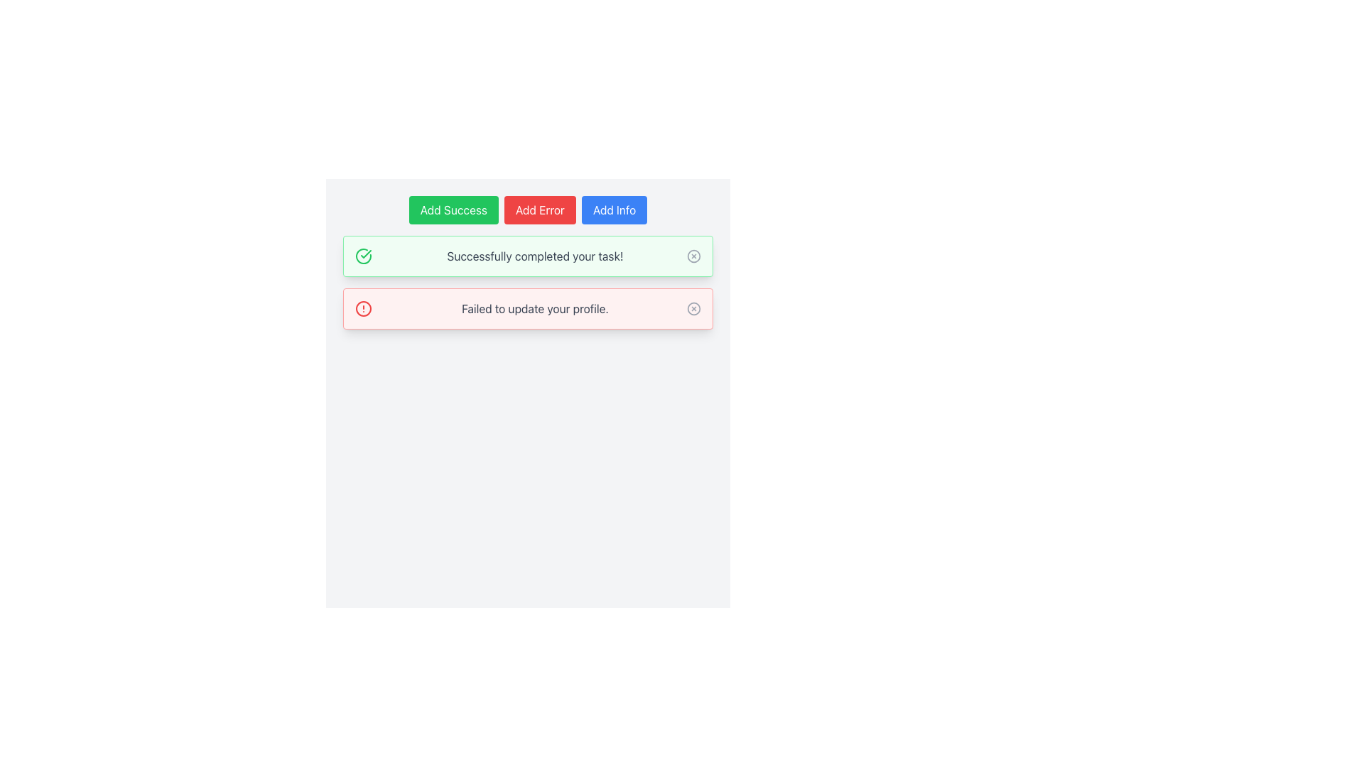 The height and width of the screenshot is (767, 1364). I want to click on the static text element that conveys a success message located within the green notification box, positioned above the red error notification and below the action buttons, so click(534, 256).